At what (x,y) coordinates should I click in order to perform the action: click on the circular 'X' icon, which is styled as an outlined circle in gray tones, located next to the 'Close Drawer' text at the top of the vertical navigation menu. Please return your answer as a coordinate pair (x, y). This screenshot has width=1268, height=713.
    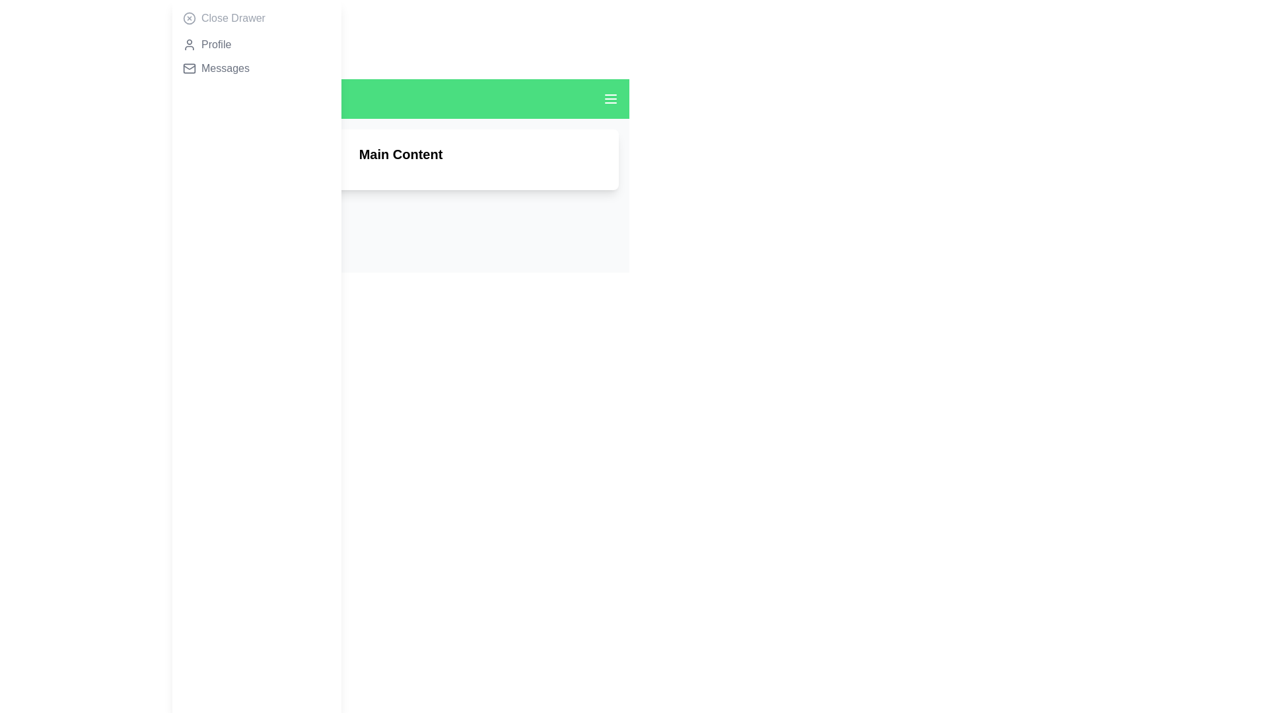
    Looking at the image, I should click on (189, 18).